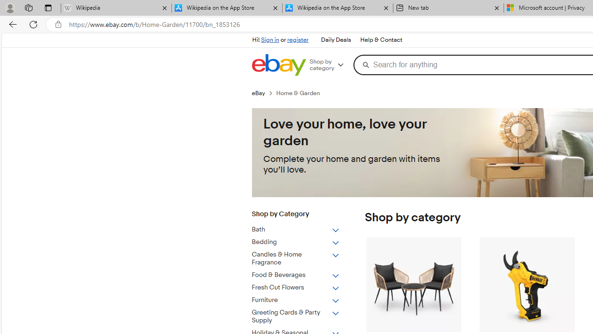 This screenshot has width=593, height=334. What do you see at coordinates (303, 240) in the screenshot?
I see `'Bedding'` at bounding box center [303, 240].